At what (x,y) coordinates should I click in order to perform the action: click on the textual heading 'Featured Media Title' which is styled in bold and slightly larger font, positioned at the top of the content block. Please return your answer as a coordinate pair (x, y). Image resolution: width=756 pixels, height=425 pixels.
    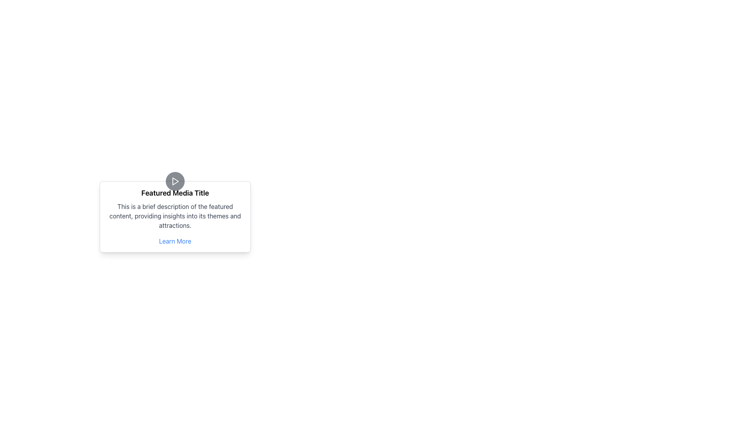
    Looking at the image, I should click on (175, 193).